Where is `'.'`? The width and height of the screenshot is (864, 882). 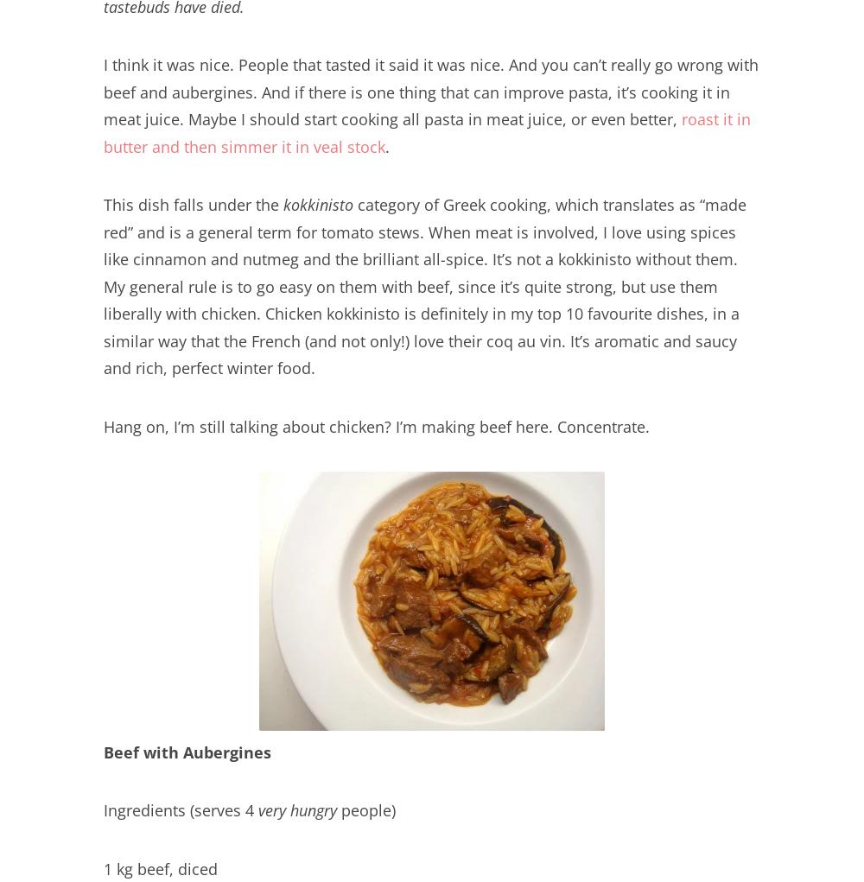
'.' is located at coordinates (386, 144).